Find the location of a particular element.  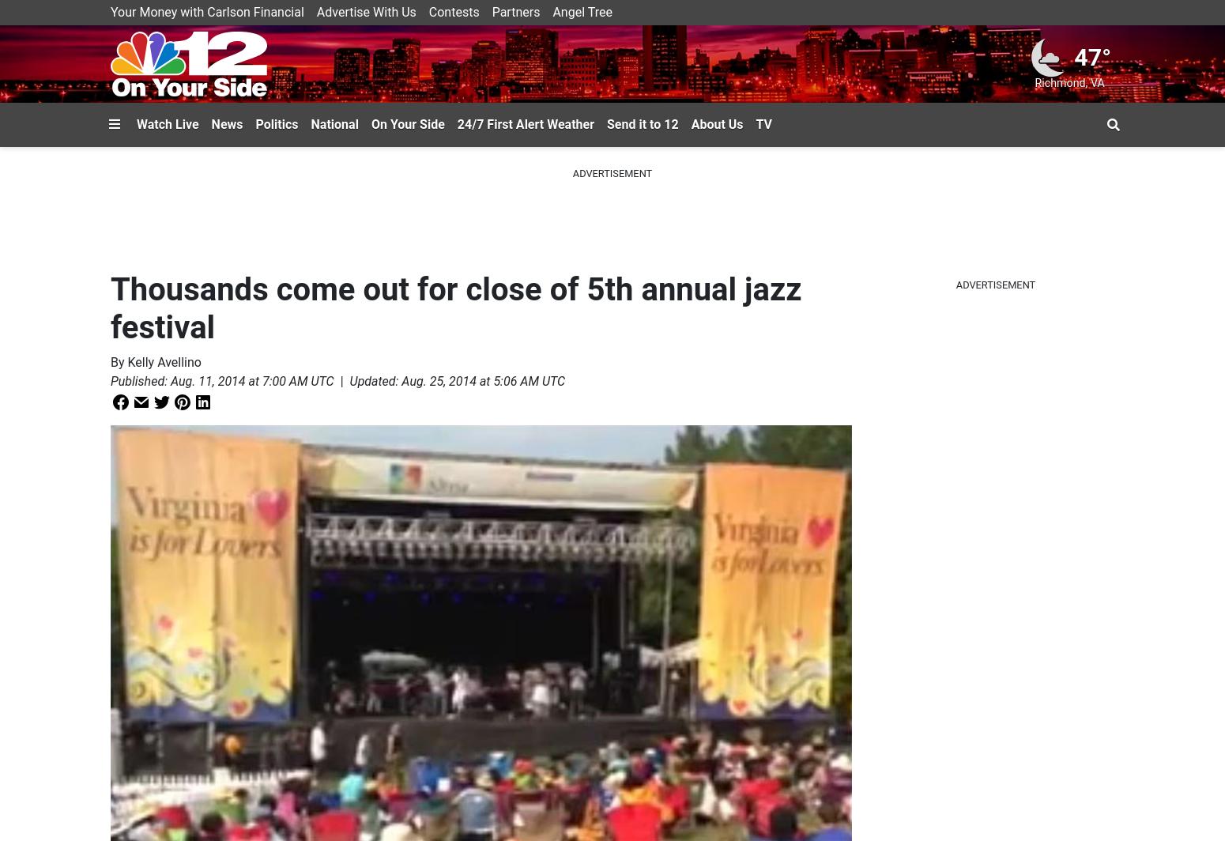

'Published' is located at coordinates (137, 381).